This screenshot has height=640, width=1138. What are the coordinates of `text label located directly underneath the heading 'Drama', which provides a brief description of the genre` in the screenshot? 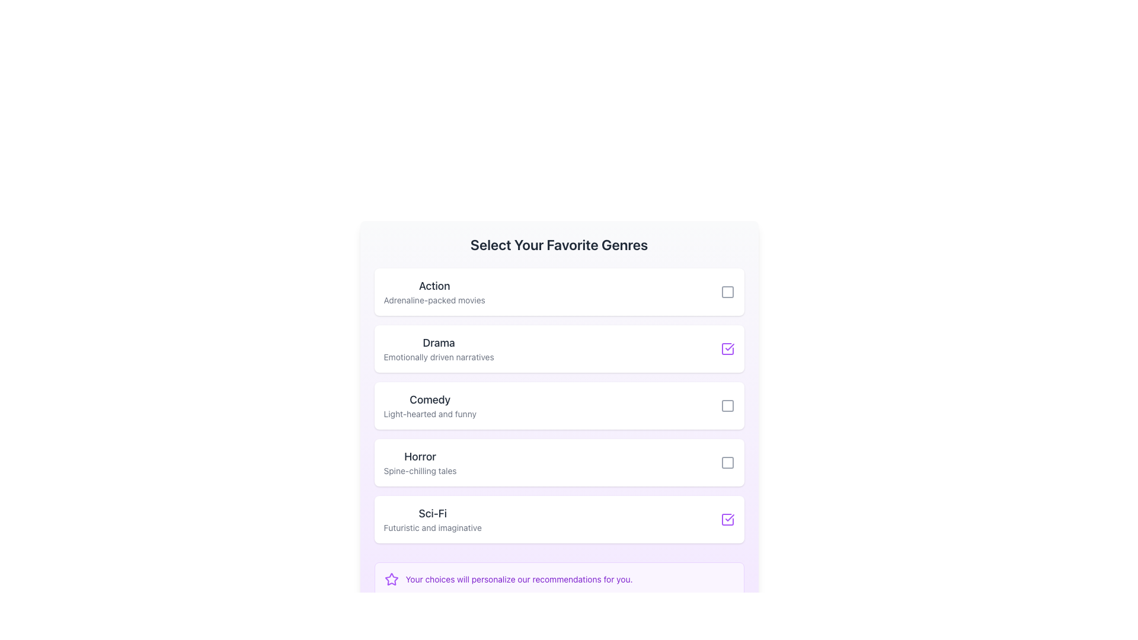 It's located at (438, 356).